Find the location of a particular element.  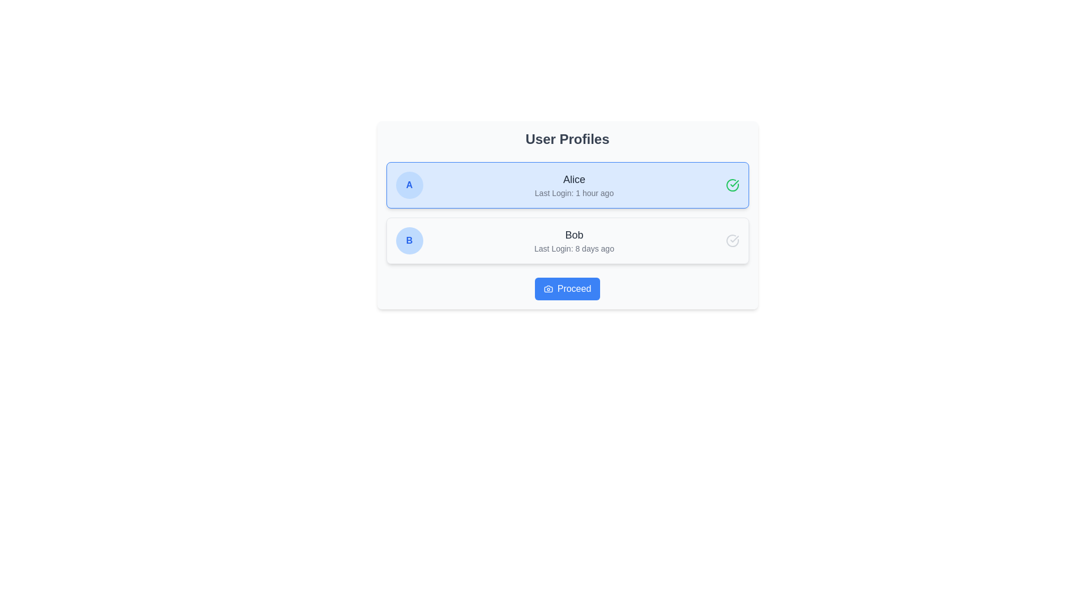

the 'User Profiles' text label, which is styled in bold and larger font, positioned at the top of the section above the user profiles list is located at coordinates (567, 139).